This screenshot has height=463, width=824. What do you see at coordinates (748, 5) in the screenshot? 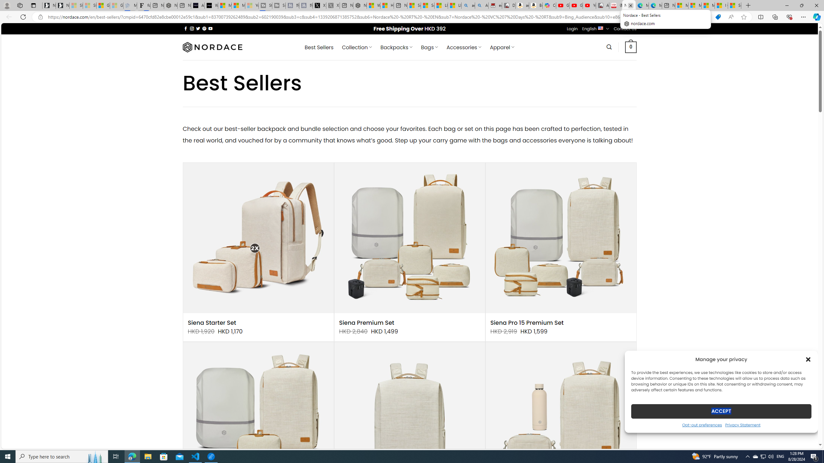
I see `'New Tab'` at bounding box center [748, 5].